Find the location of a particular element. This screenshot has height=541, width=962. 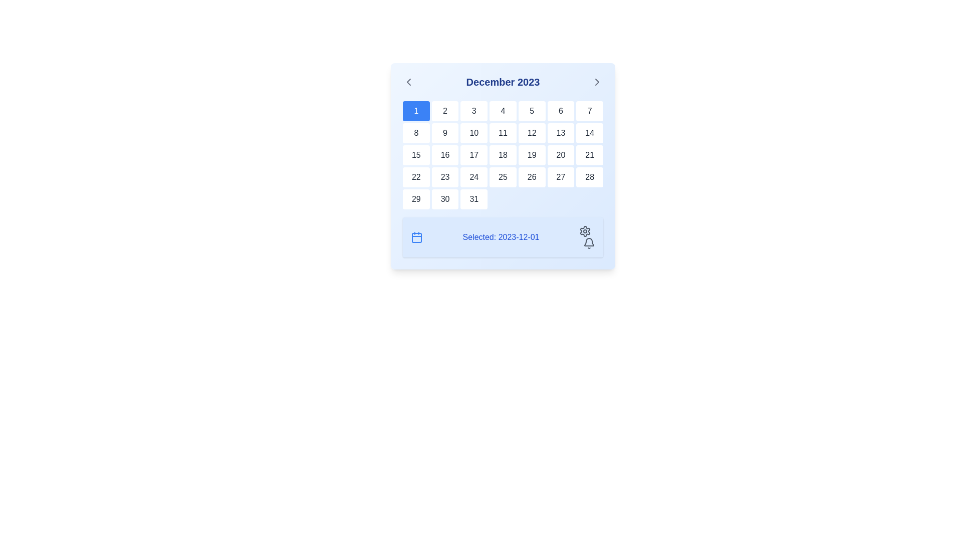

the Static calendar day box displaying the number '20', which has a white background and gray text, located in the third row and sixth column of the calendar grid is located at coordinates (560, 155).